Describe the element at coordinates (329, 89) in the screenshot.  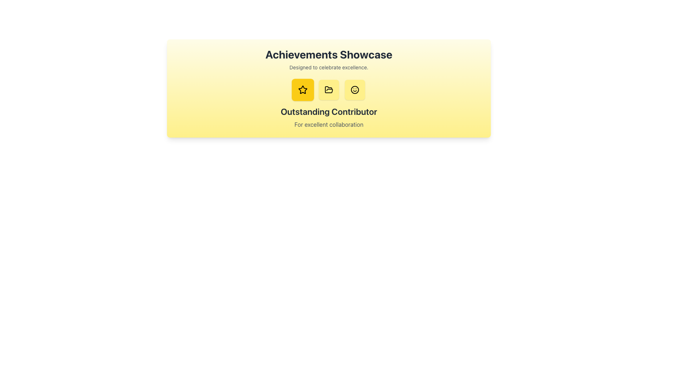
I see `the folder icon located in the middle row of icons, positioned second between a star icon and a smiley face icon` at that location.